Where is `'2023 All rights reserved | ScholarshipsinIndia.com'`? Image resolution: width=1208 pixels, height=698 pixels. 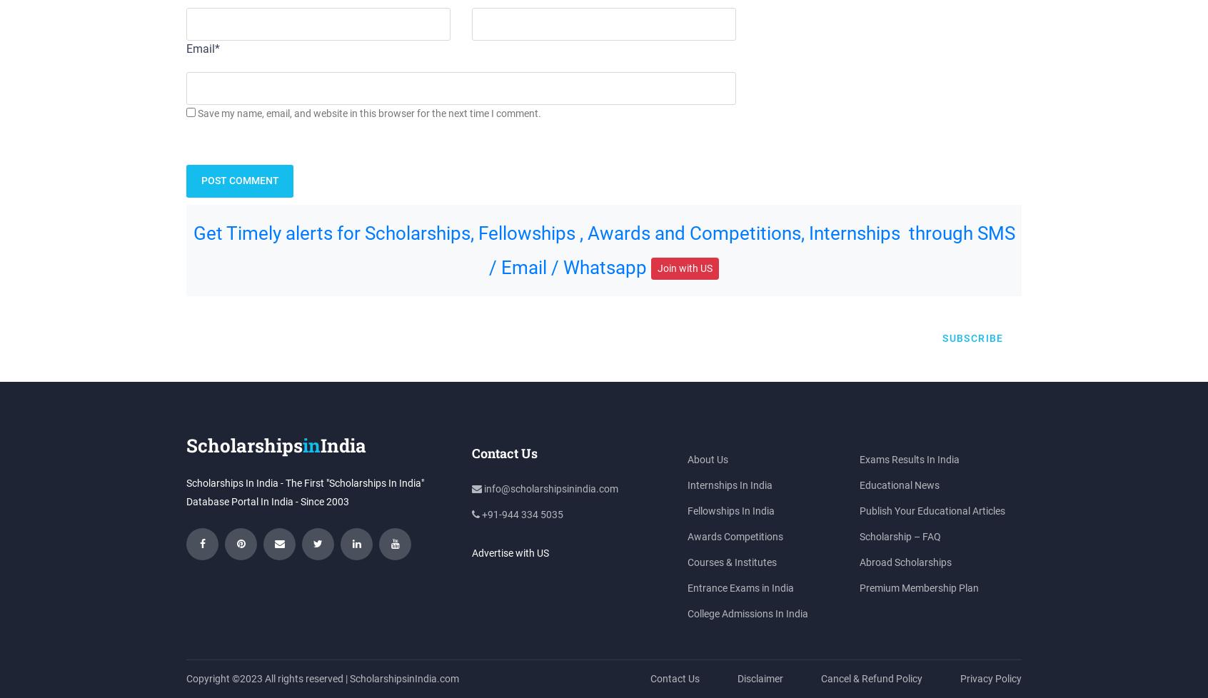 '2023 All rights reserved | ScholarshipsinIndia.com' is located at coordinates (239, 677).